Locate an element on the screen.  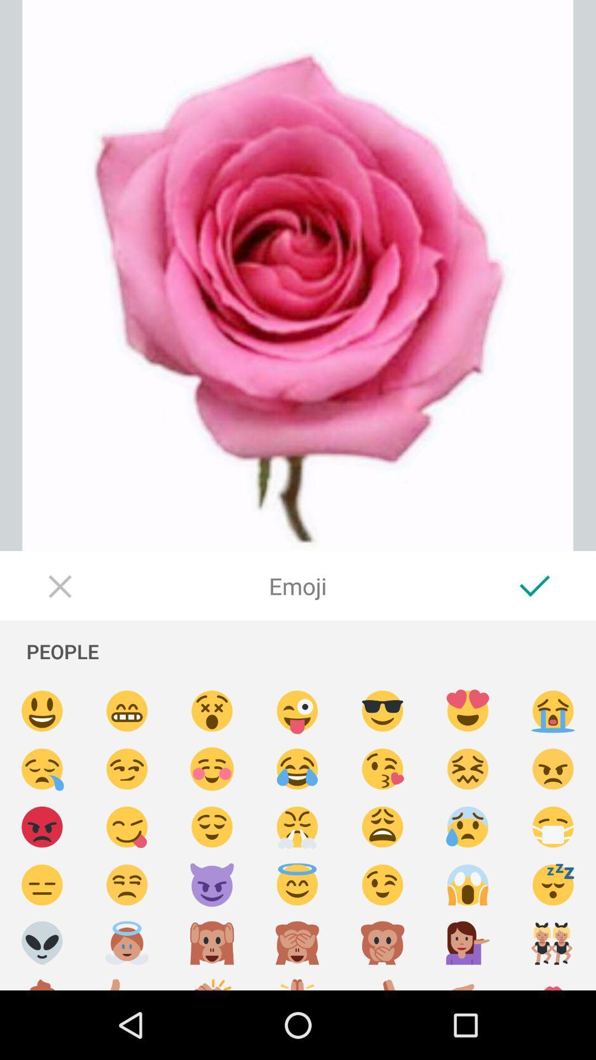
use the kissing emoji is located at coordinates (382, 768).